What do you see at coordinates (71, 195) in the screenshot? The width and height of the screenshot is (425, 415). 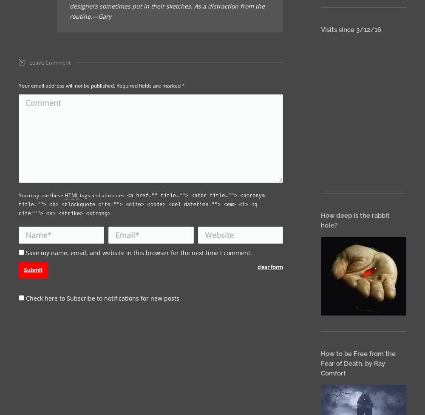 I see `'HTML'` at bounding box center [71, 195].